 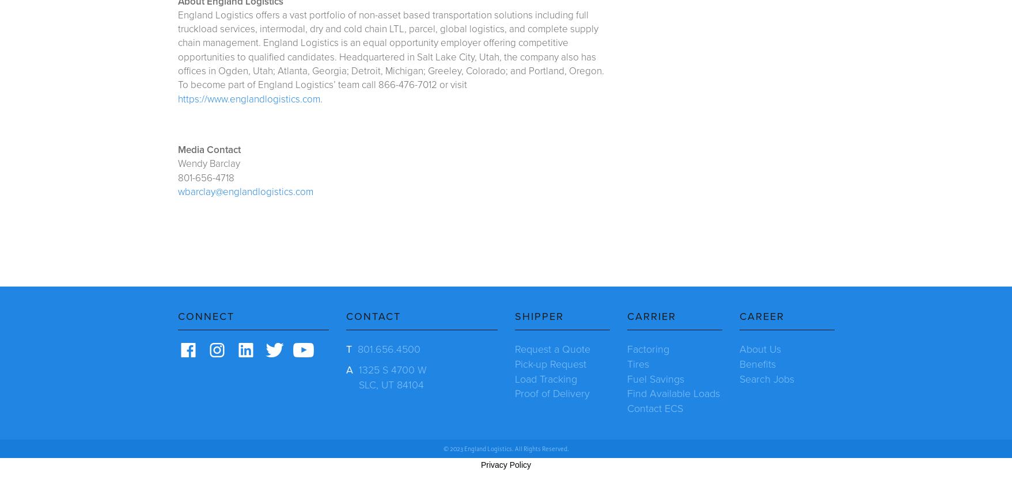 What do you see at coordinates (654, 377) in the screenshot?
I see `'Fuel Savings'` at bounding box center [654, 377].